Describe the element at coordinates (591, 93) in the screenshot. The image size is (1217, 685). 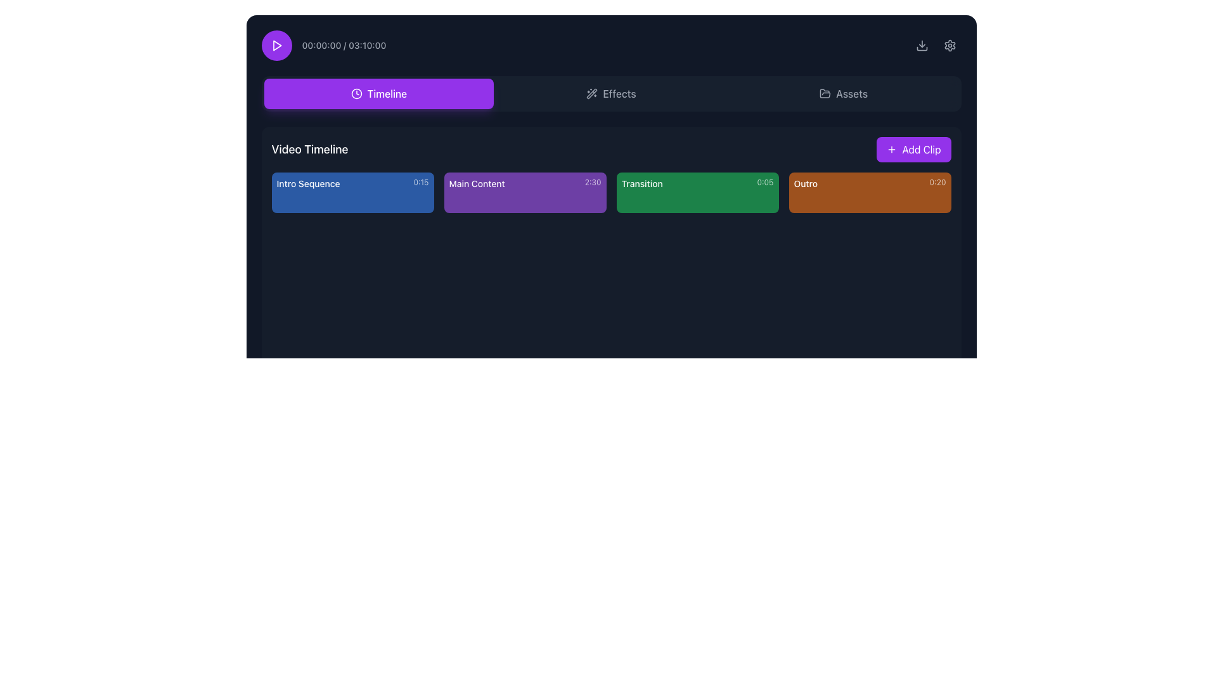
I see `the 'Effects' icon located on the left side of the 'Effects' button on the navigation bar` at that location.